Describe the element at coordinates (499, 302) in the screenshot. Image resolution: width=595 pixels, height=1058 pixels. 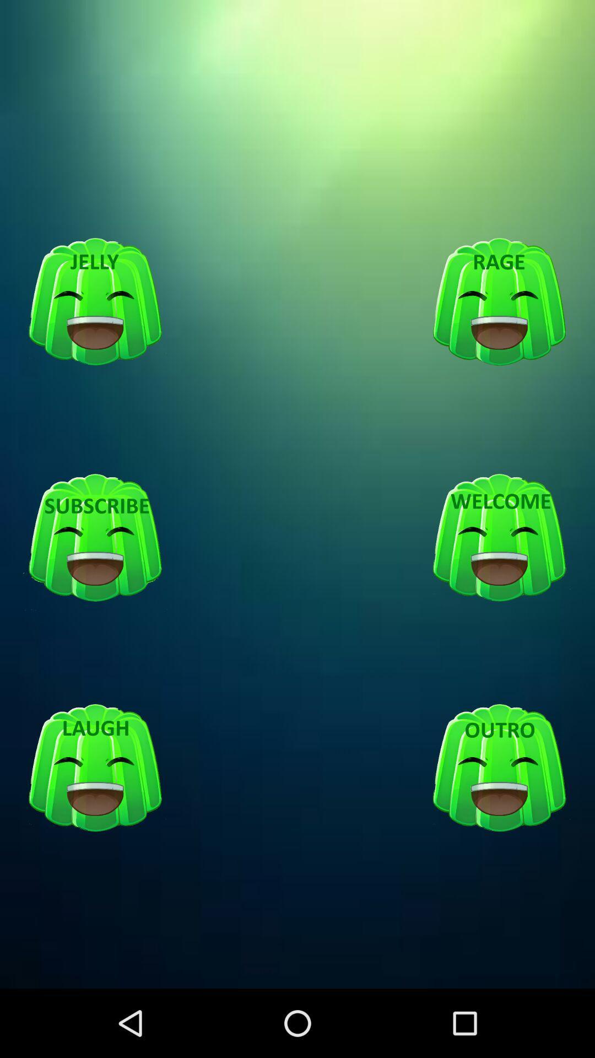
I see `icon at the top right corner` at that location.